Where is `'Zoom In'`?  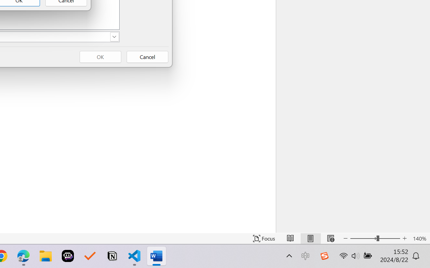 'Zoom In' is located at coordinates (404, 238).